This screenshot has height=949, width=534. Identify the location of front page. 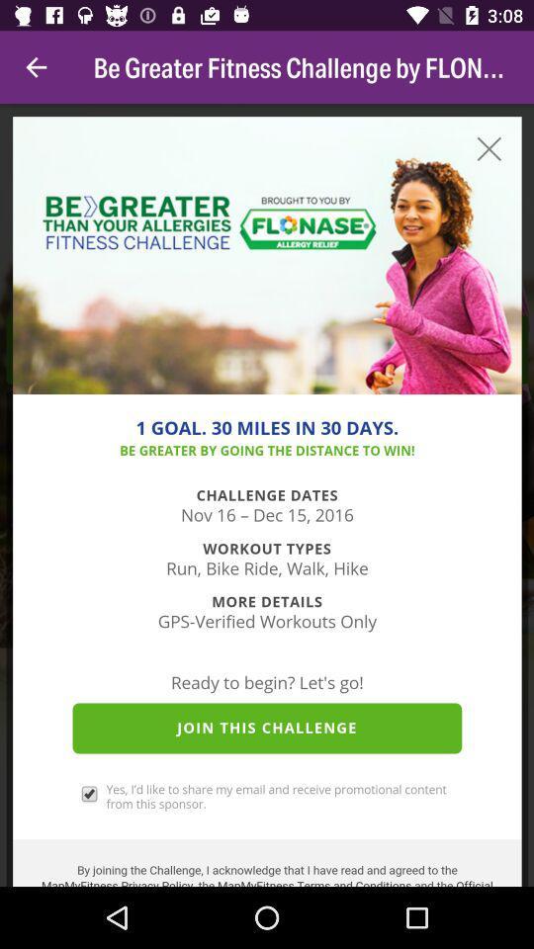
(267, 494).